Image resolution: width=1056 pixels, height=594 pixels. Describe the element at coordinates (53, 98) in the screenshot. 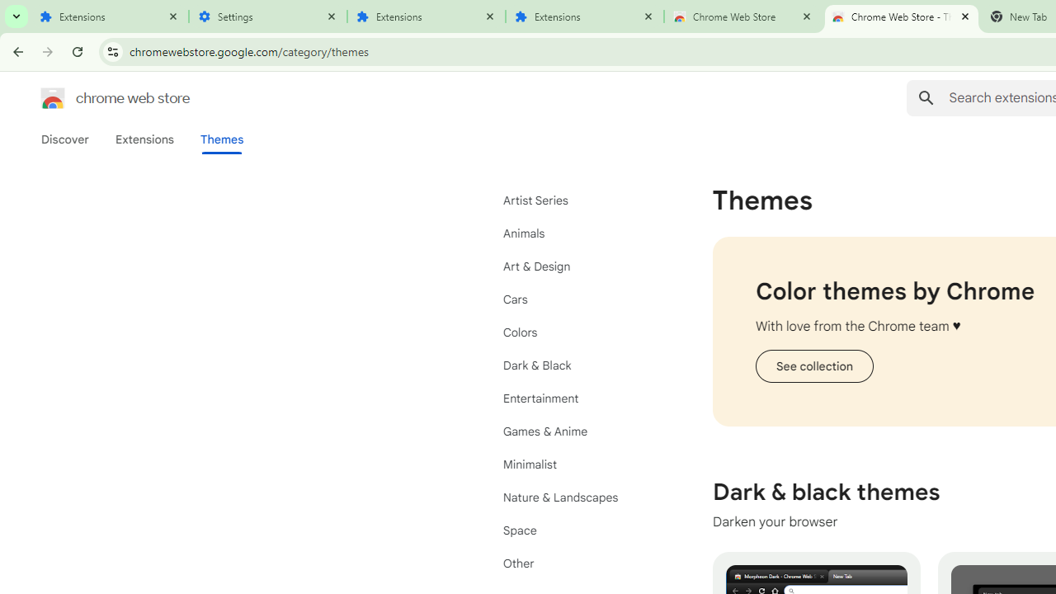

I see `'Chrome Web Store logo'` at that location.